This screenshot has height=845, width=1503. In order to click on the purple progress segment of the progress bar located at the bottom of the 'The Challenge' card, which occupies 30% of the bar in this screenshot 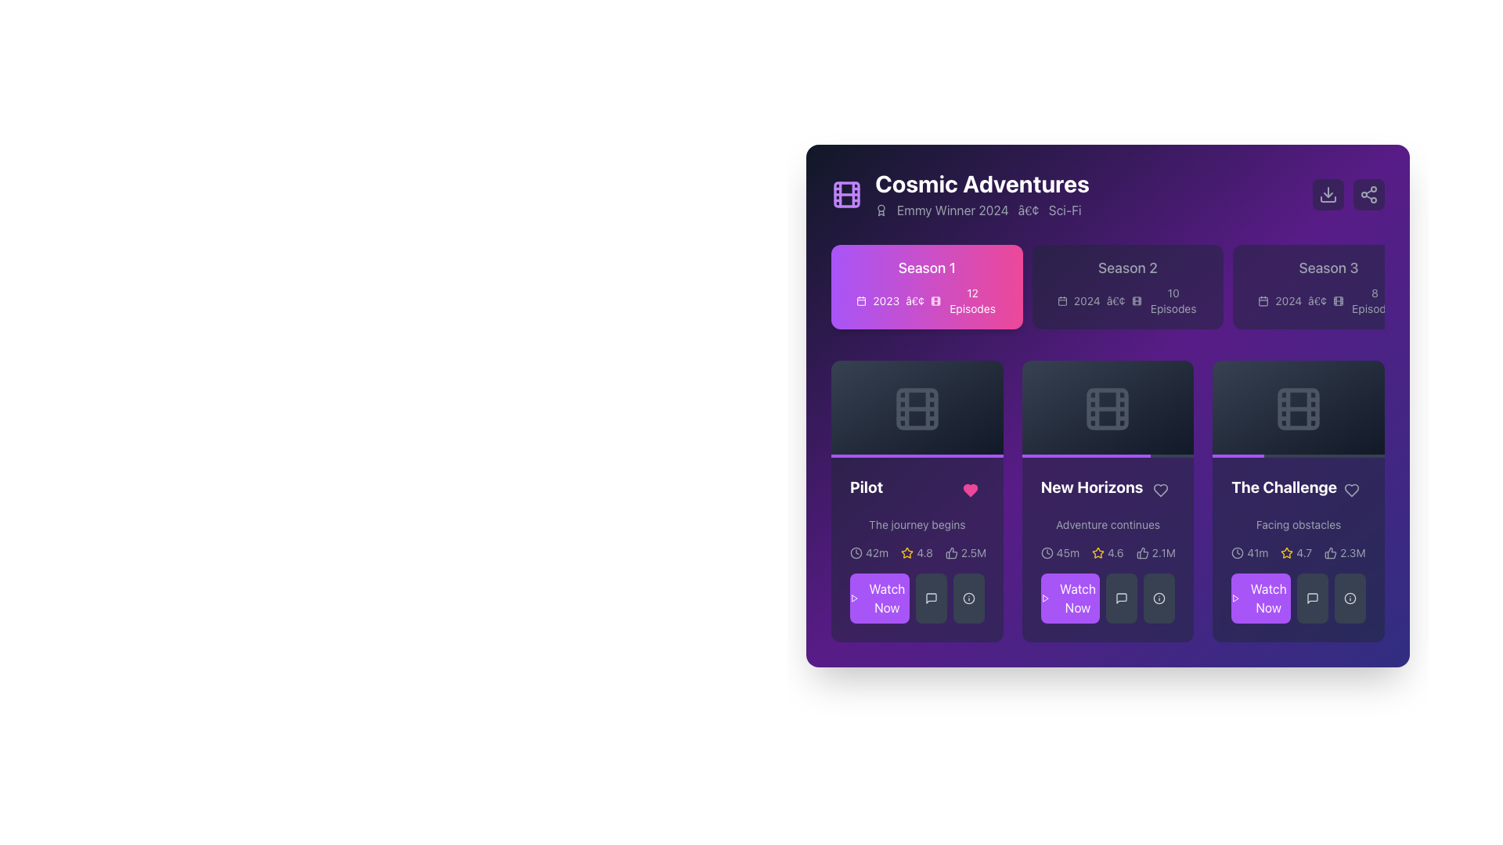, I will do `click(1238, 455)`.